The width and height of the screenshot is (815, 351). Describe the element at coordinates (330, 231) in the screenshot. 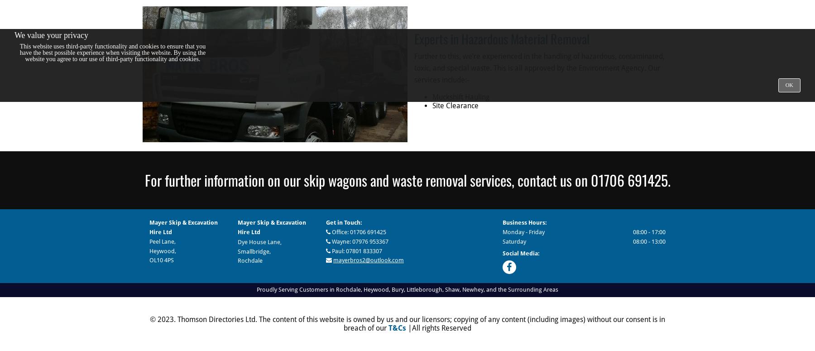

I see `'Office: 01706 691425'` at that location.